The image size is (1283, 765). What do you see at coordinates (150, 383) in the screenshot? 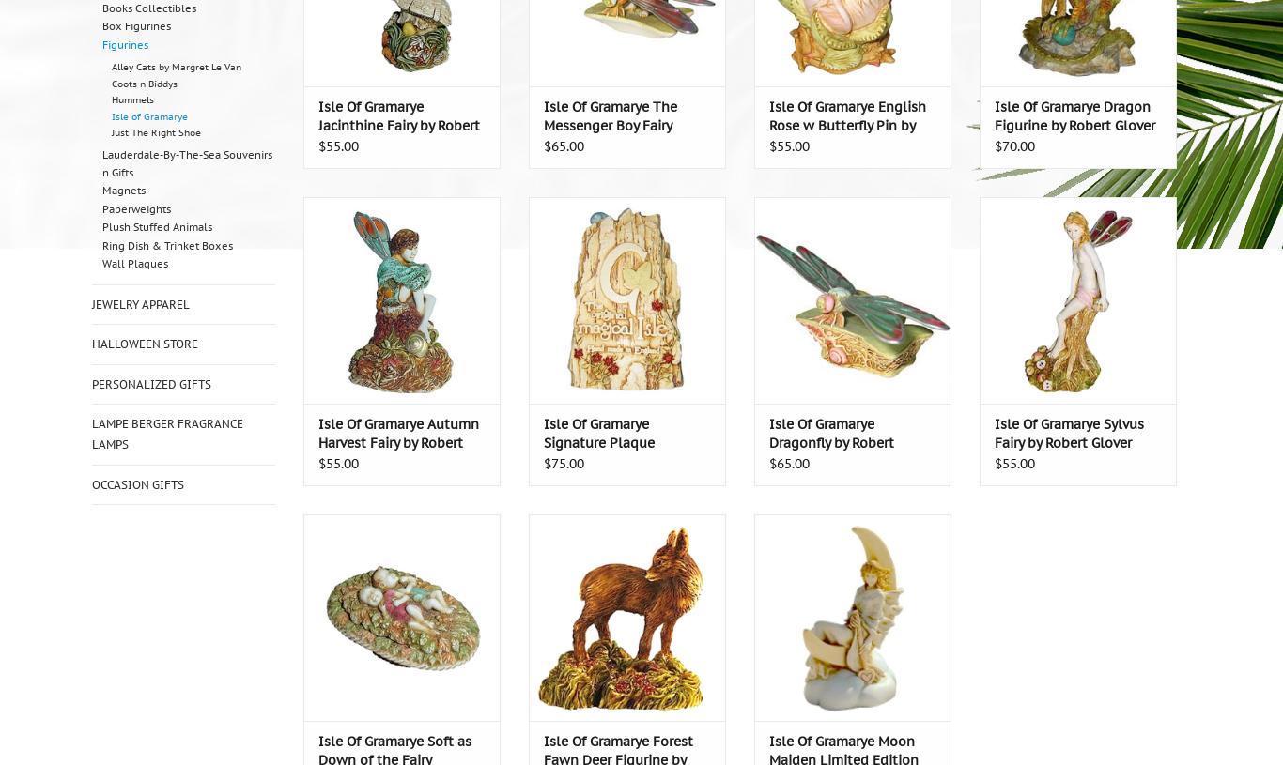
I see `'Personalized Gifts'` at bounding box center [150, 383].